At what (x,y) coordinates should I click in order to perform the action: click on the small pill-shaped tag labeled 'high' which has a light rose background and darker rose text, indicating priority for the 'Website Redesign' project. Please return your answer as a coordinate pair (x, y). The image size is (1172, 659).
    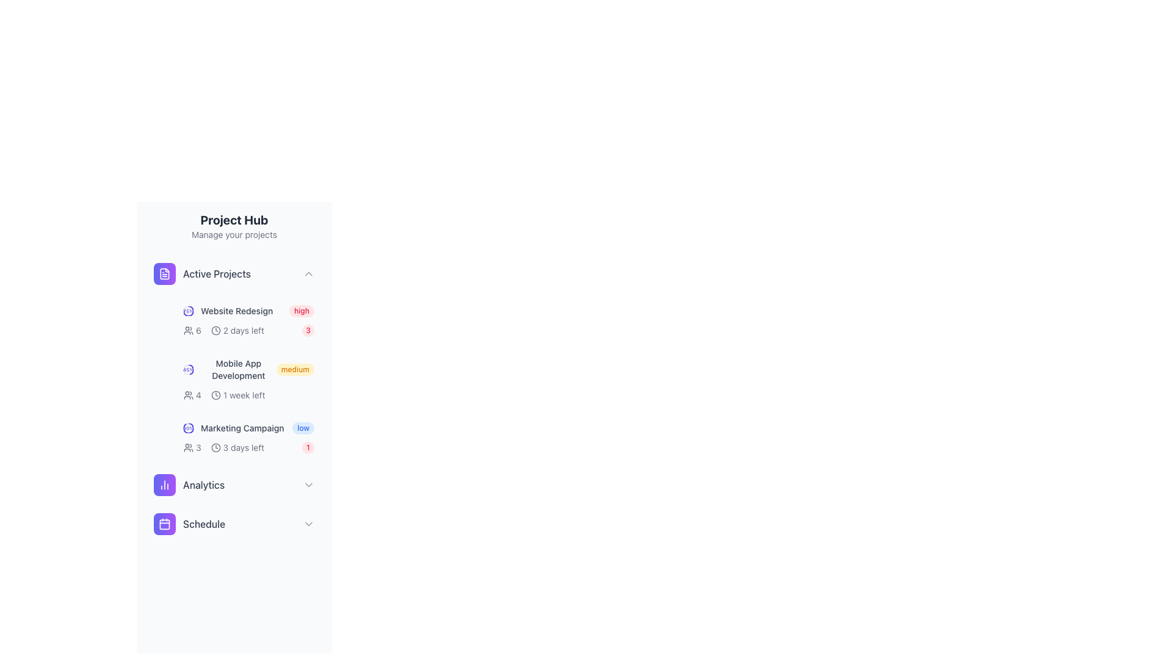
    Looking at the image, I should click on (302, 310).